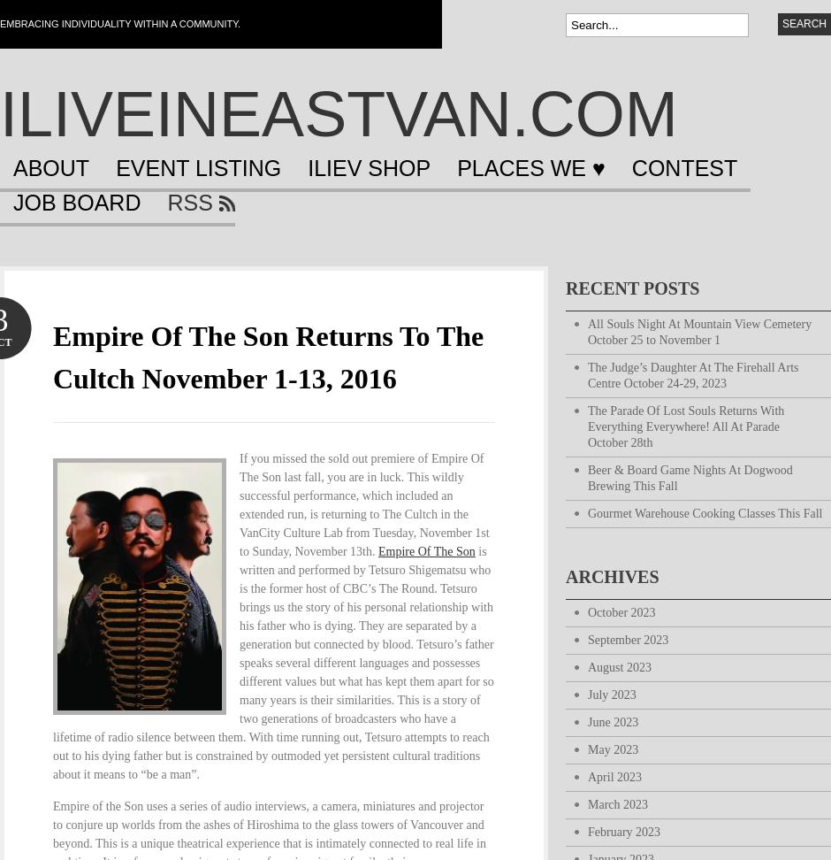 The image size is (831, 860). I want to click on 'August 2023', so click(587, 667).